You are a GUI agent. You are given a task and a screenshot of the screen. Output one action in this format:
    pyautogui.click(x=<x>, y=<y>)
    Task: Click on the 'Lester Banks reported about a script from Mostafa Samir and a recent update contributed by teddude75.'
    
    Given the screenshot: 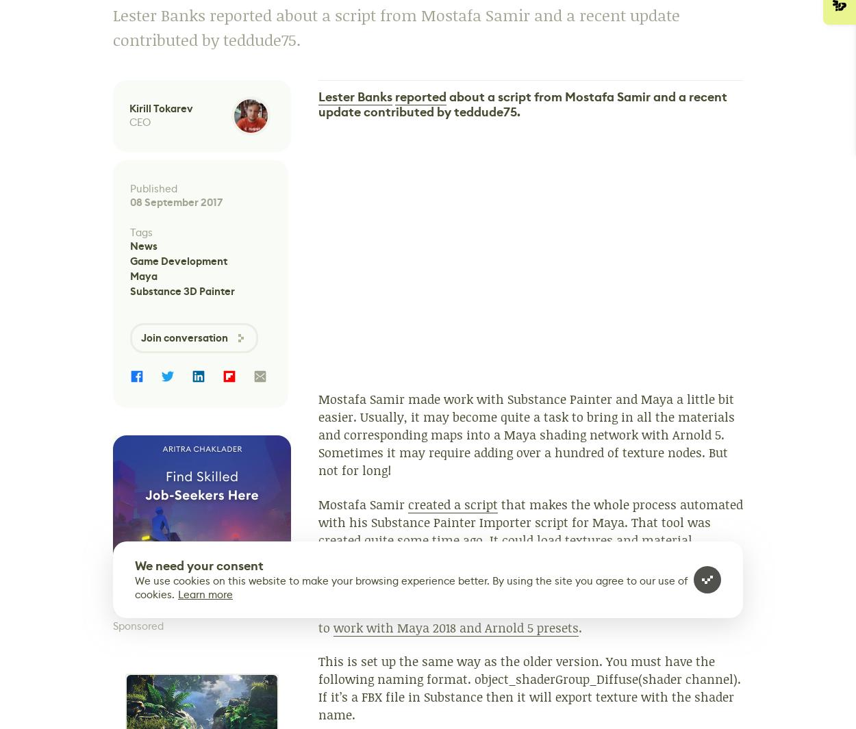 What is the action you would take?
    pyautogui.click(x=396, y=26)
    